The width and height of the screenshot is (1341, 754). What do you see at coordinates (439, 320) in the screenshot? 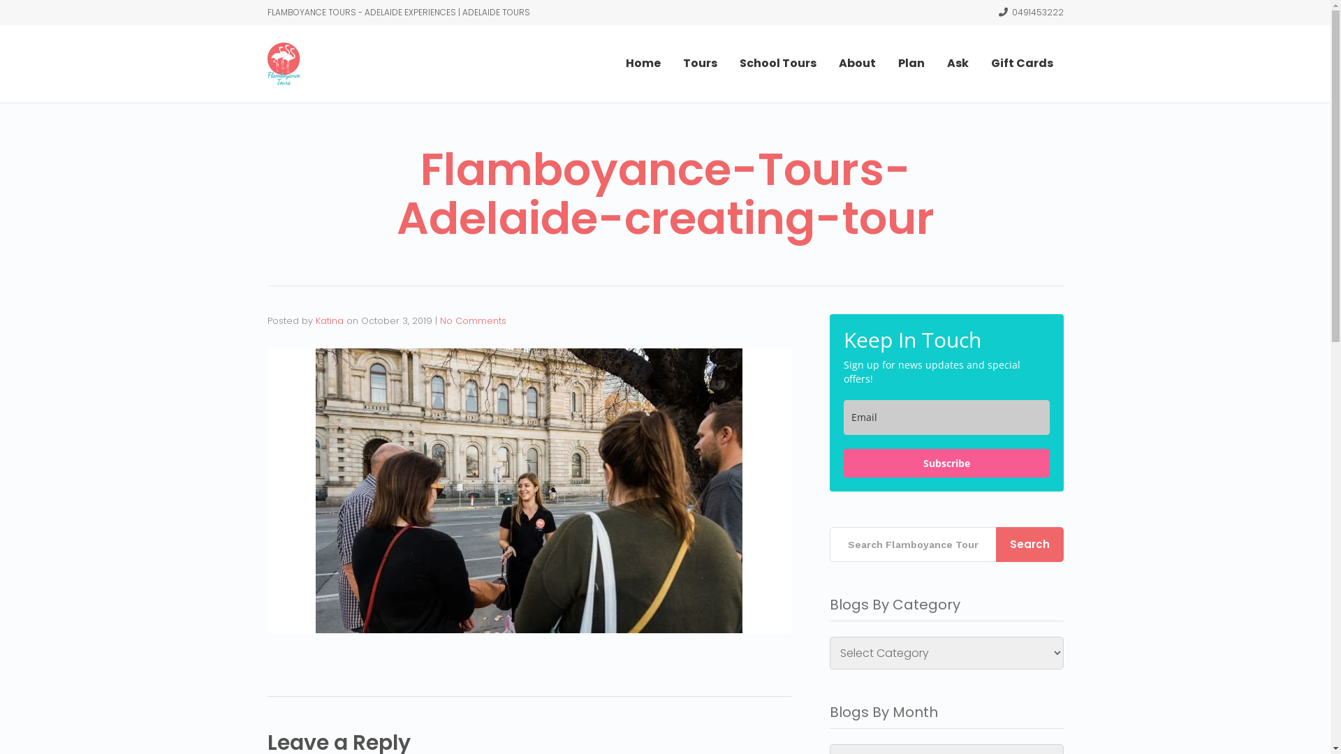
I see `'No Comments'` at bounding box center [439, 320].